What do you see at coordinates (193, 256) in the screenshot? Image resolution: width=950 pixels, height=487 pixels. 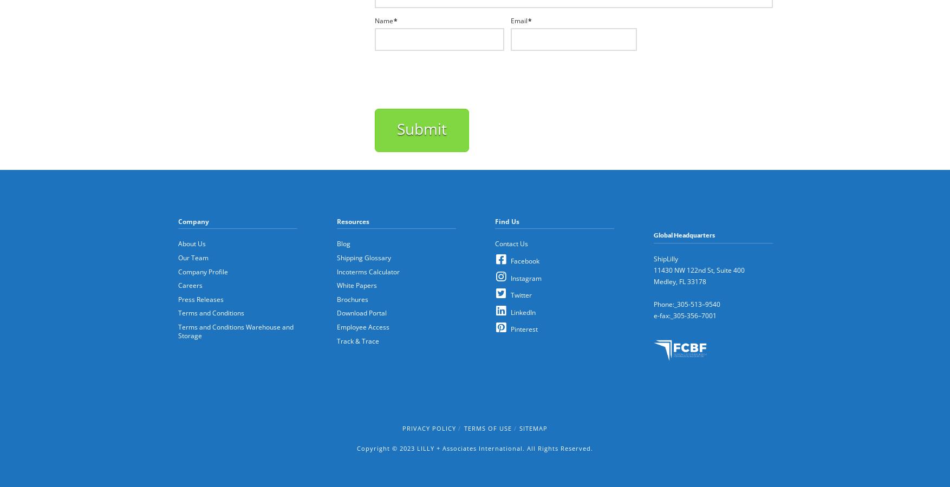 I see `'Our Team'` at bounding box center [193, 256].